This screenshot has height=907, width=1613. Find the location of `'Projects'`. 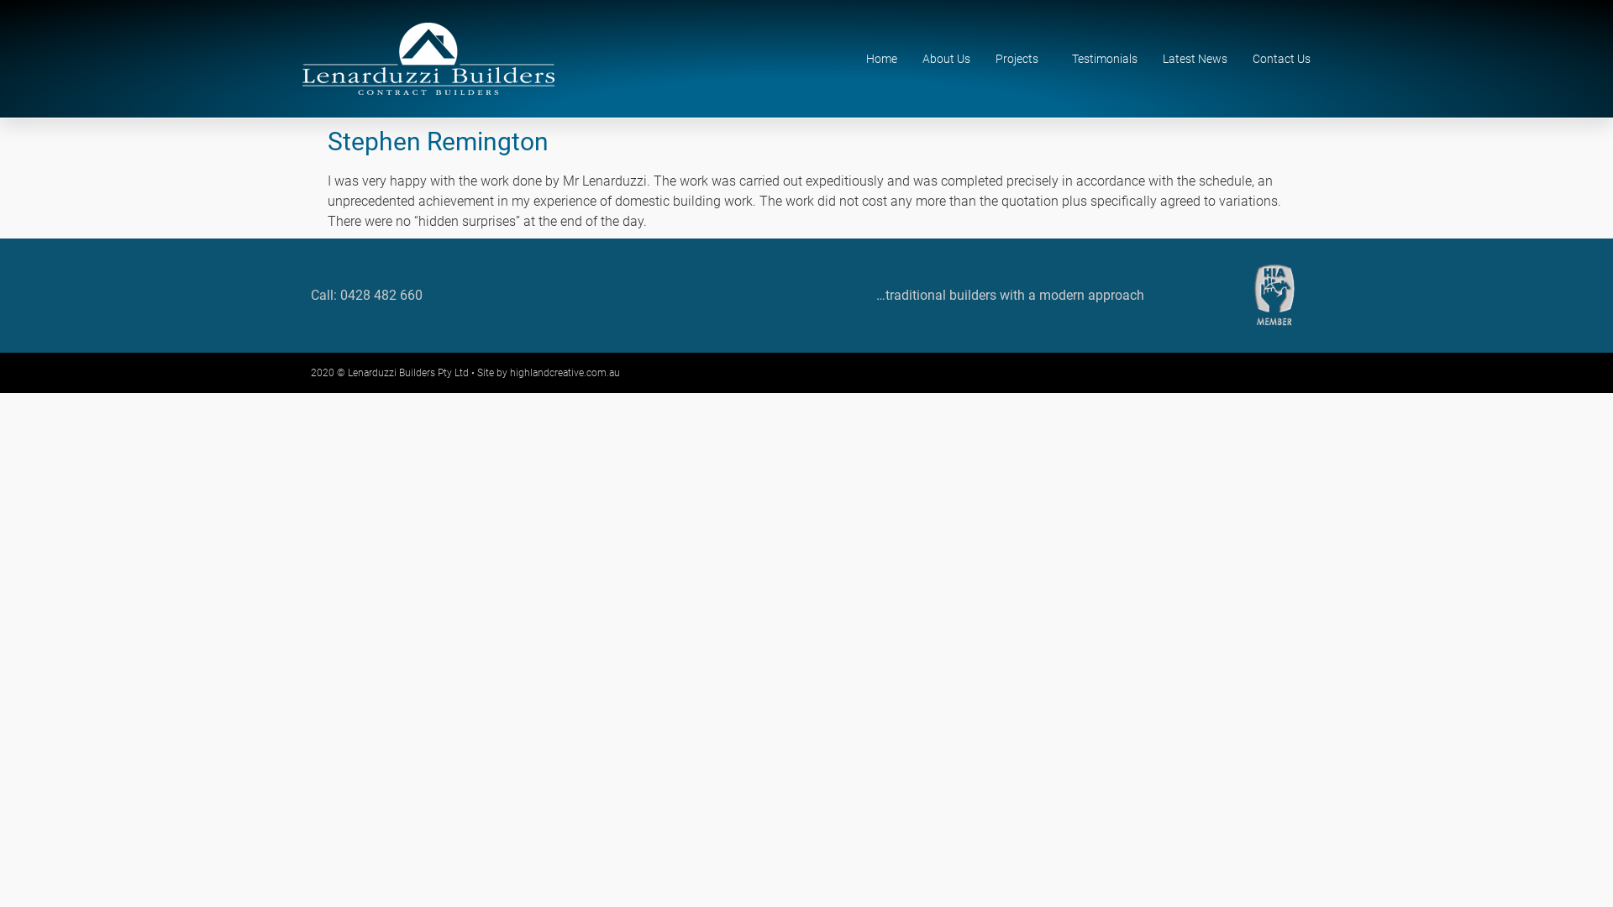

'Projects' is located at coordinates (1020, 57).